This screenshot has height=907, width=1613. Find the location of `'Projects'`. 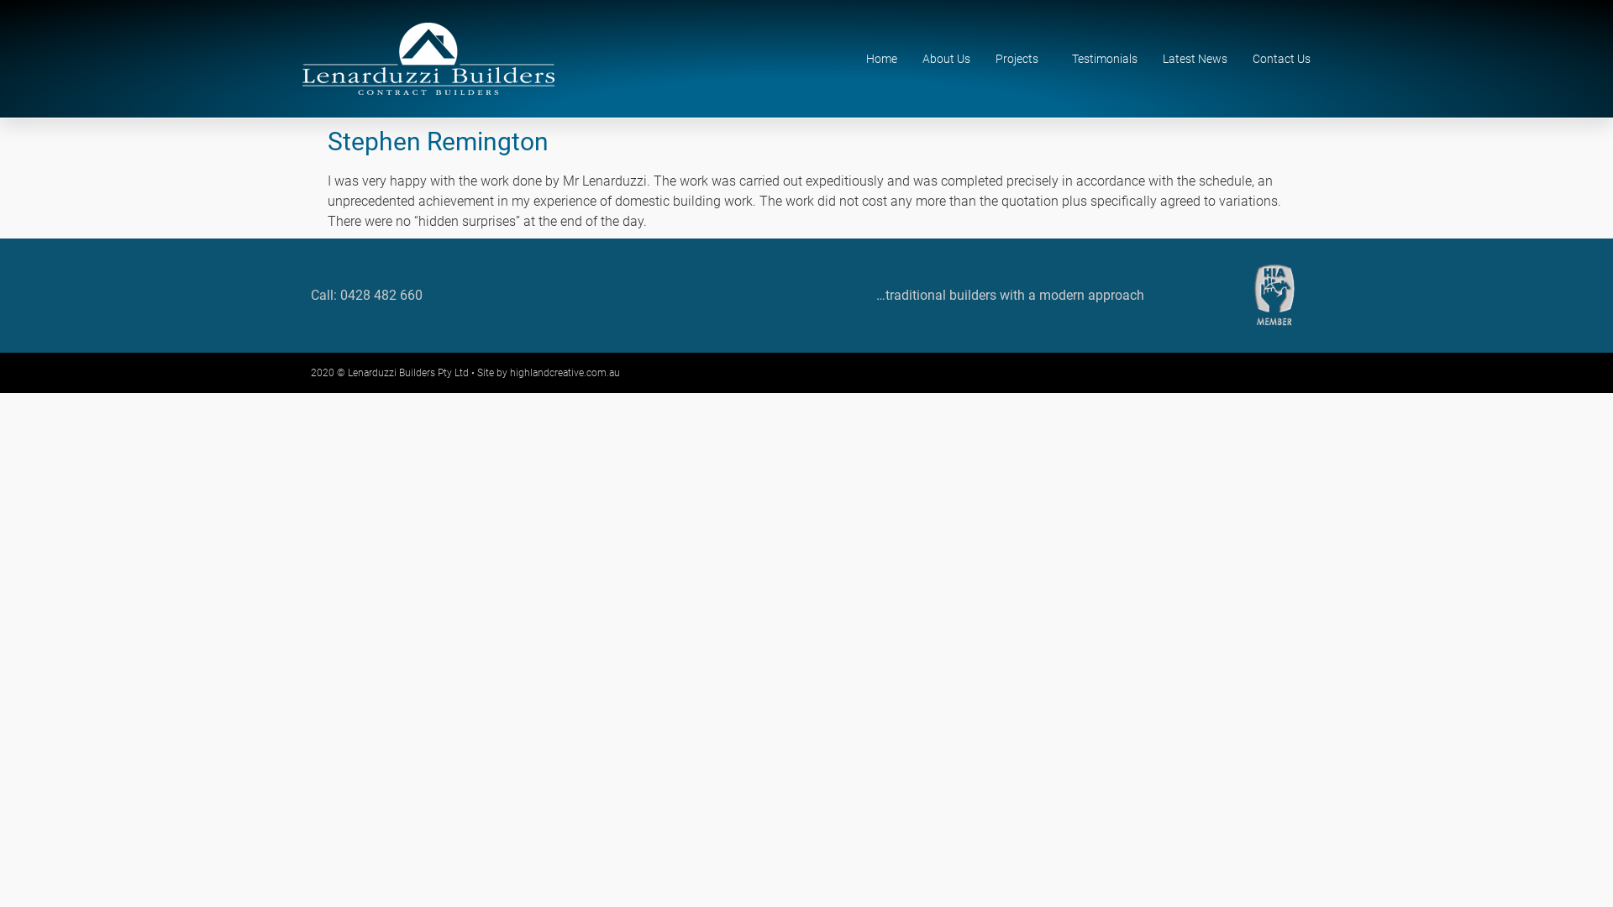

'Projects' is located at coordinates (1020, 57).